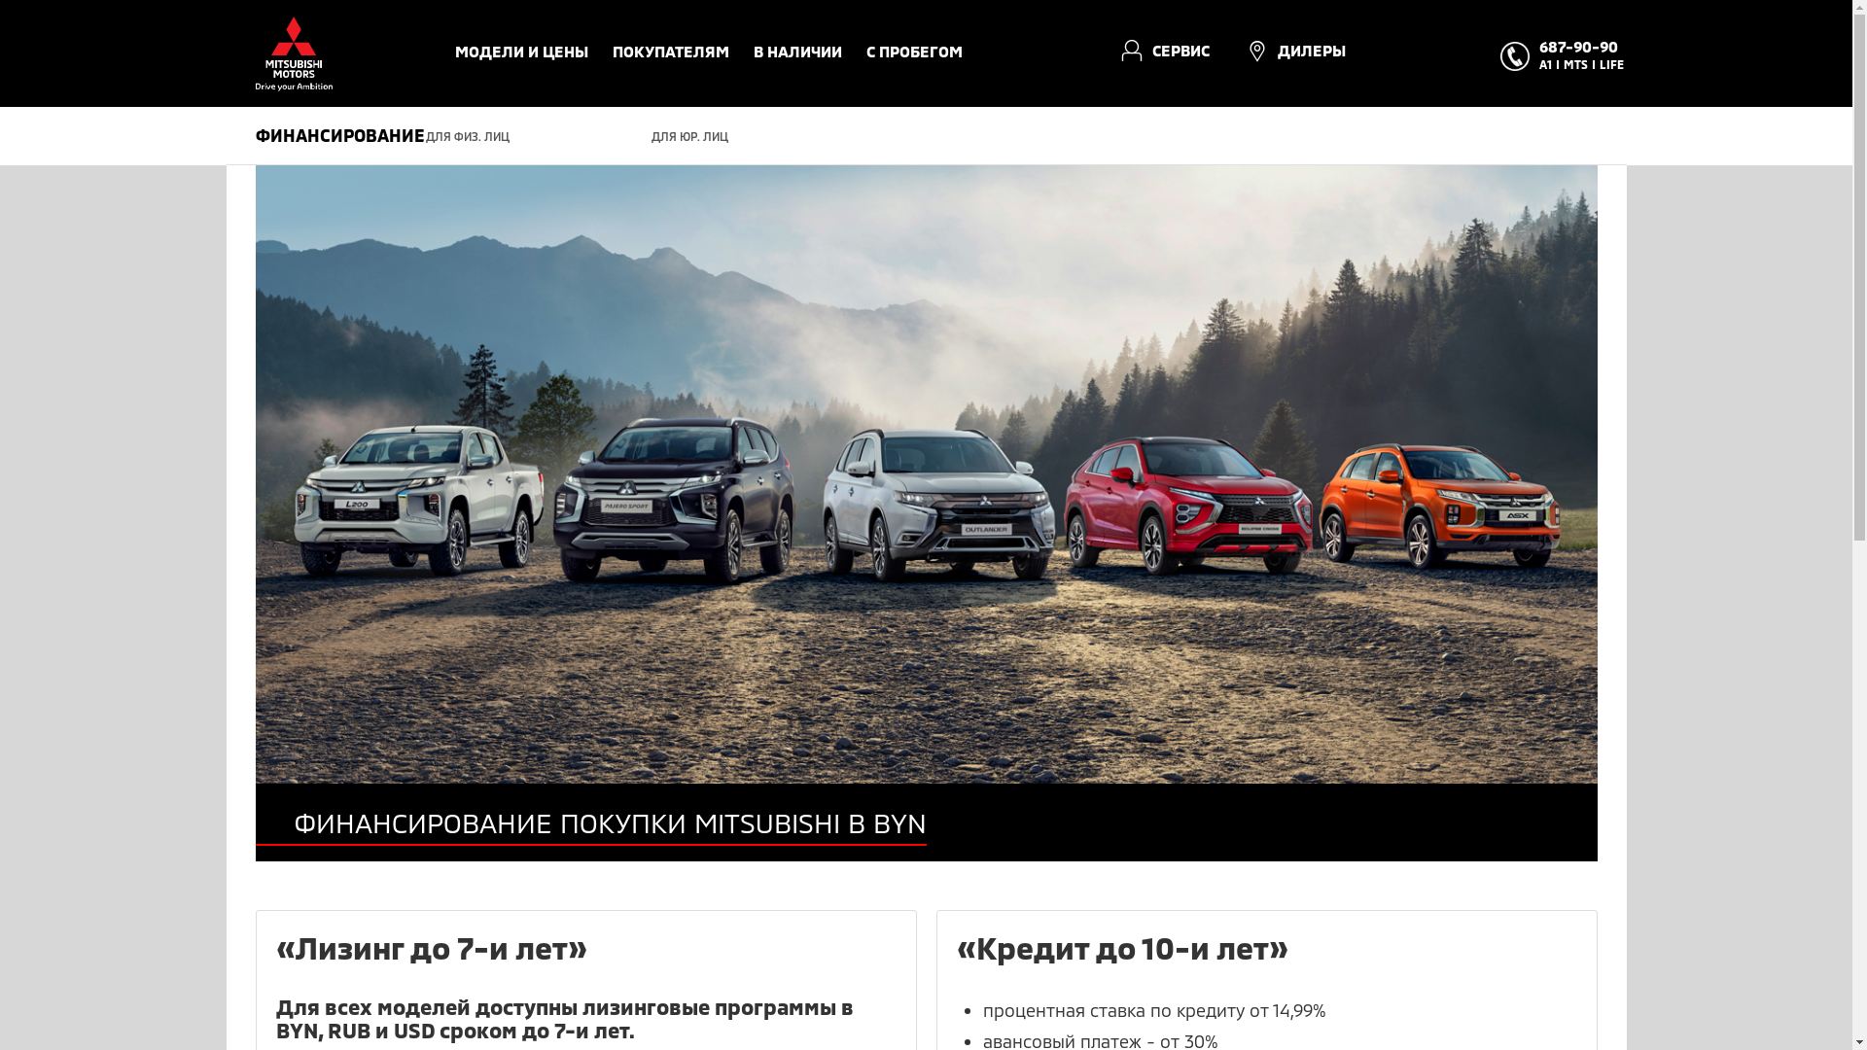  Describe the element at coordinates (1538, 48) in the screenshot. I see `'687-90-90'` at that location.